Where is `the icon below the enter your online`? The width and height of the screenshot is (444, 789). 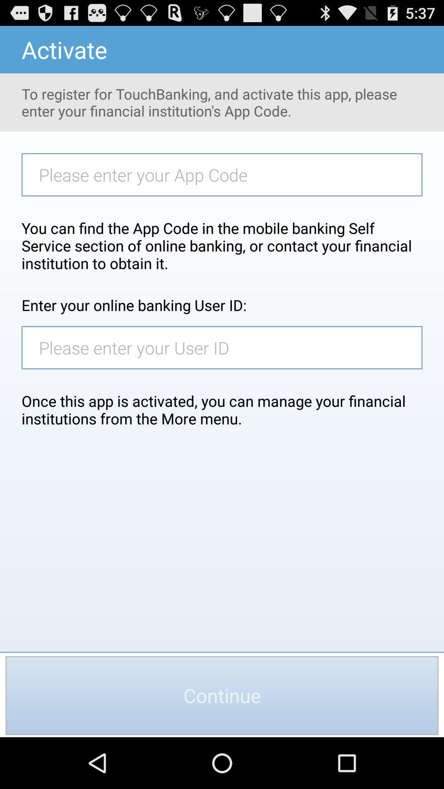
the icon below the enter your online is located at coordinates (226, 347).